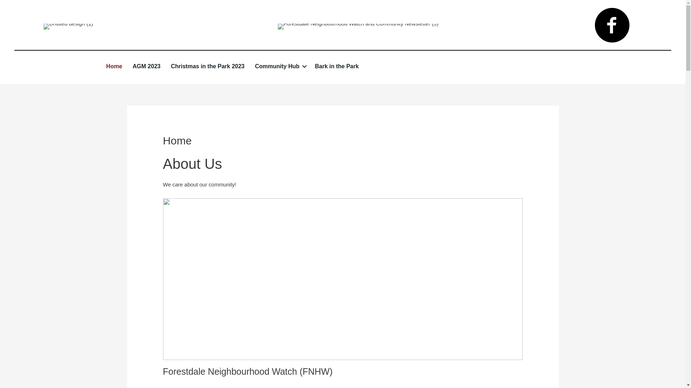 The height and width of the screenshot is (388, 691). I want to click on 'Bark in the Park', so click(337, 66).